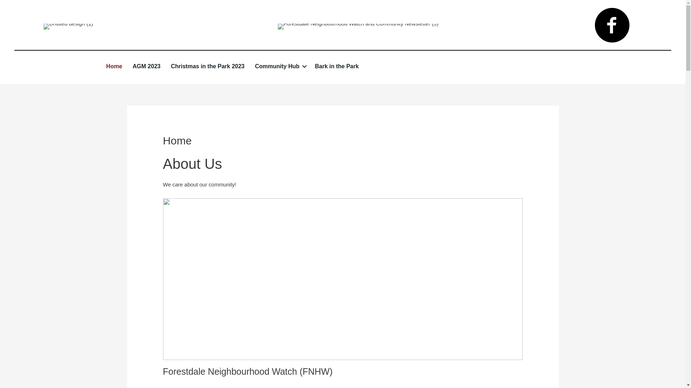 The height and width of the screenshot is (388, 691). I want to click on 'Bark in the Park', so click(337, 66).